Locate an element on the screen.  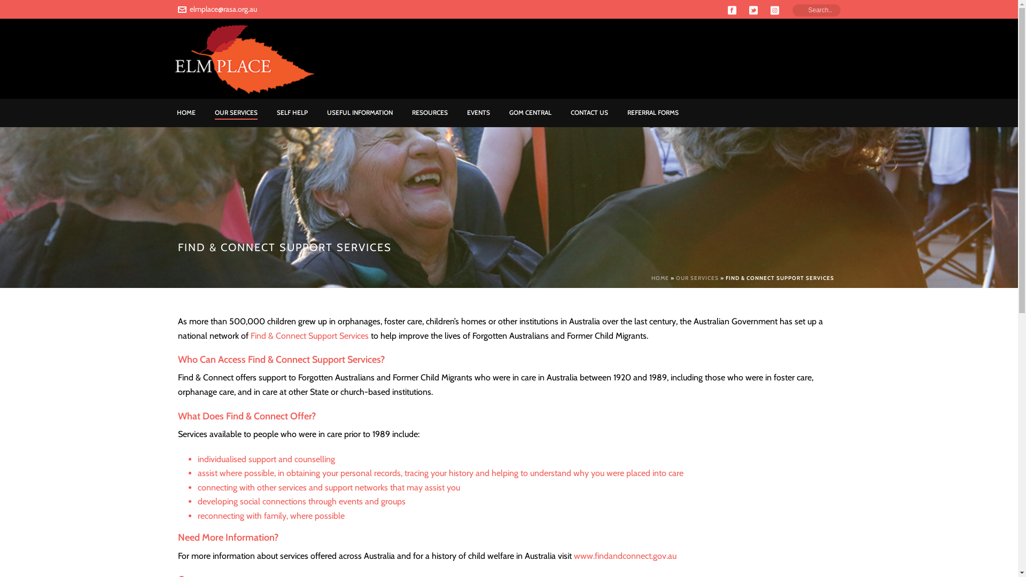
'Find & Connect Support Services' is located at coordinates (308, 335).